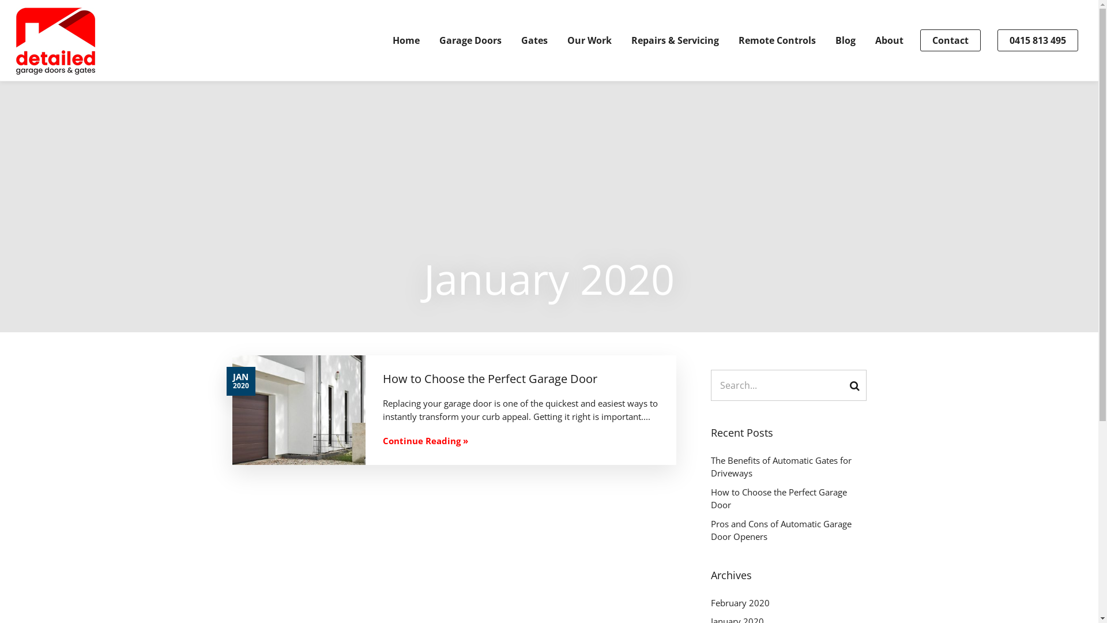 Image resolution: width=1107 pixels, height=623 pixels. What do you see at coordinates (888, 39) in the screenshot?
I see `'About'` at bounding box center [888, 39].